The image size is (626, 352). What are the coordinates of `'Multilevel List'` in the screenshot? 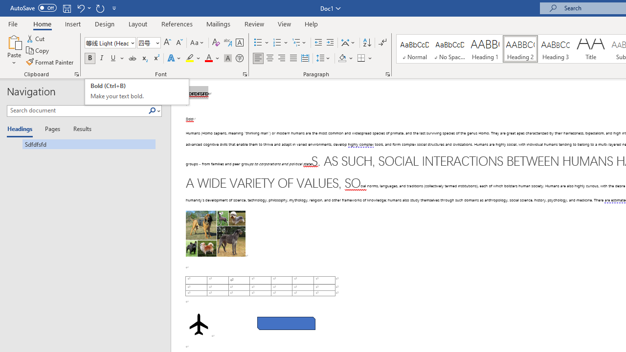 It's located at (299, 42).